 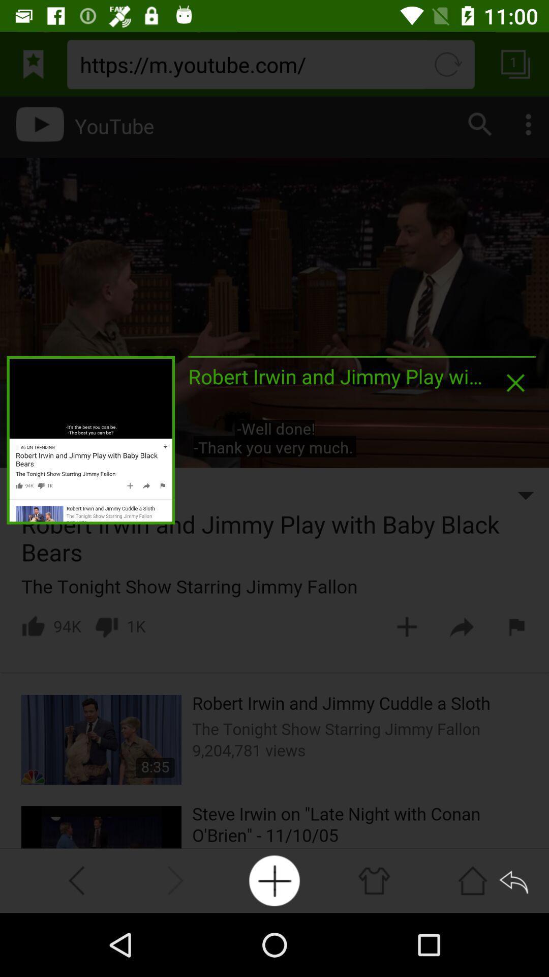 What do you see at coordinates (274, 942) in the screenshot?
I see `the add icon` at bounding box center [274, 942].